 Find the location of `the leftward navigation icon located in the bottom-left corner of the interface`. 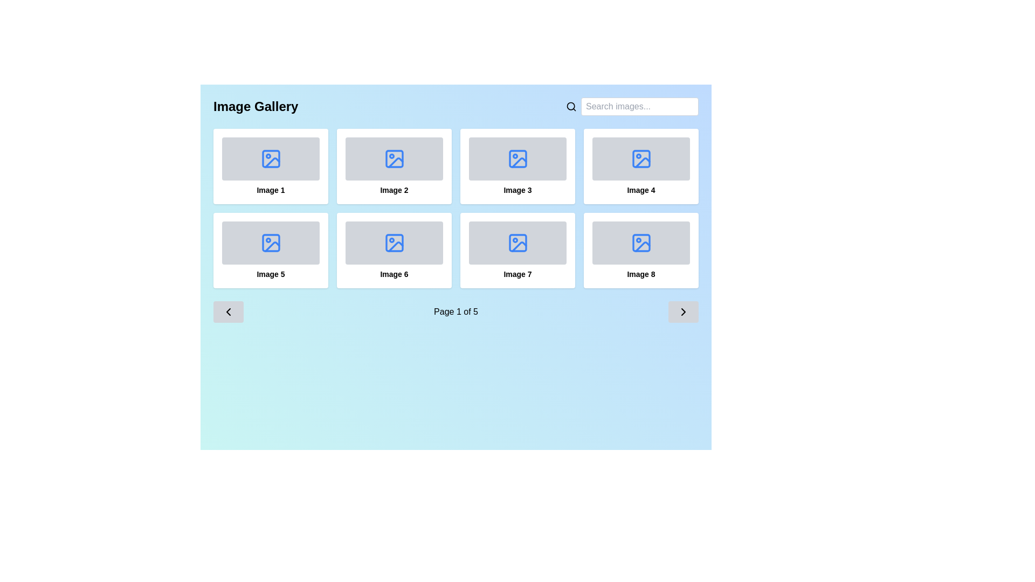

the leftward navigation icon located in the bottom-left corner of the interface is located at coordinates (227, 311).